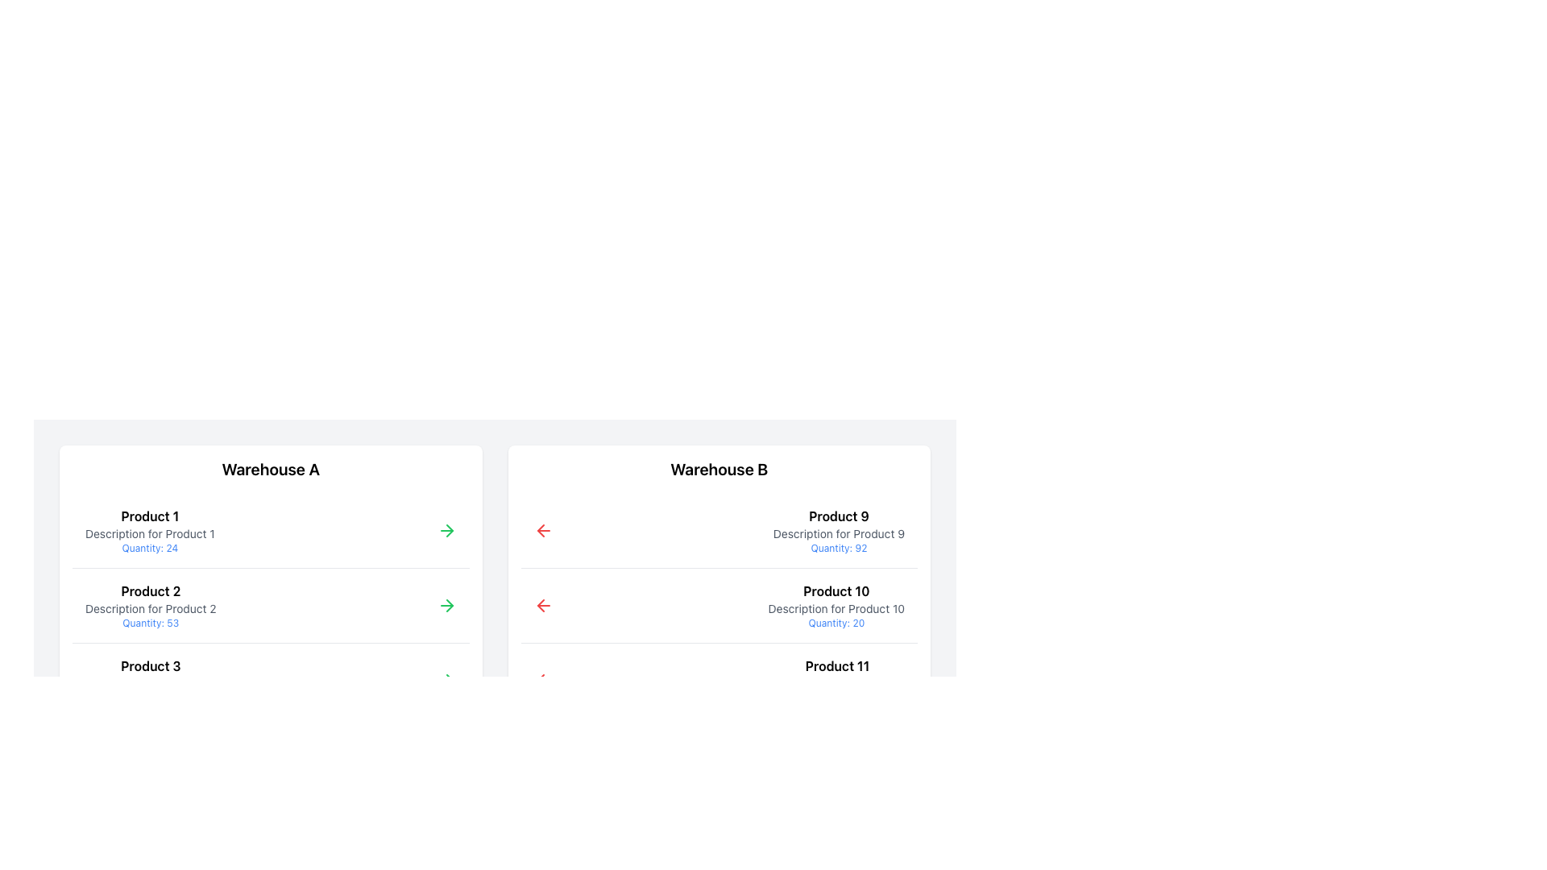 The image size is (1547, 870). I want to click on the red leftward arrow icon associated with 'Product 10' under the 'Warehouse B' column to invoke the action, so click(541, 606).